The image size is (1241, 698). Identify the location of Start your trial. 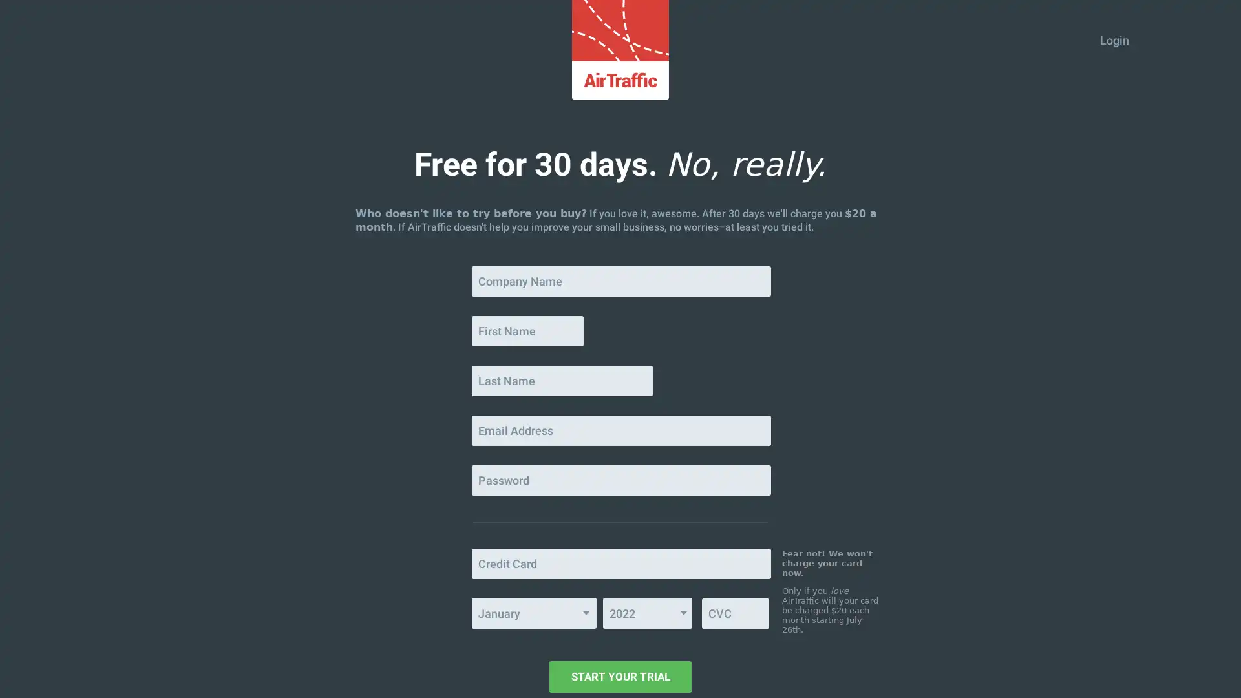
(620, 676).